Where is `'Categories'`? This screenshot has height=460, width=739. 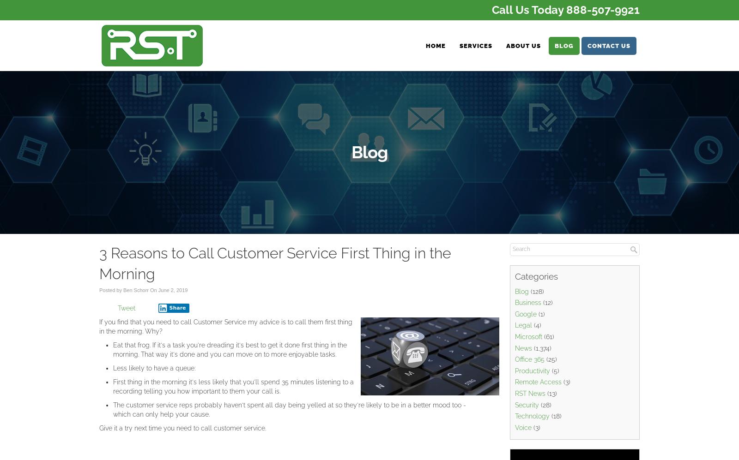 'Categories' is located at coordinates (536, 275).